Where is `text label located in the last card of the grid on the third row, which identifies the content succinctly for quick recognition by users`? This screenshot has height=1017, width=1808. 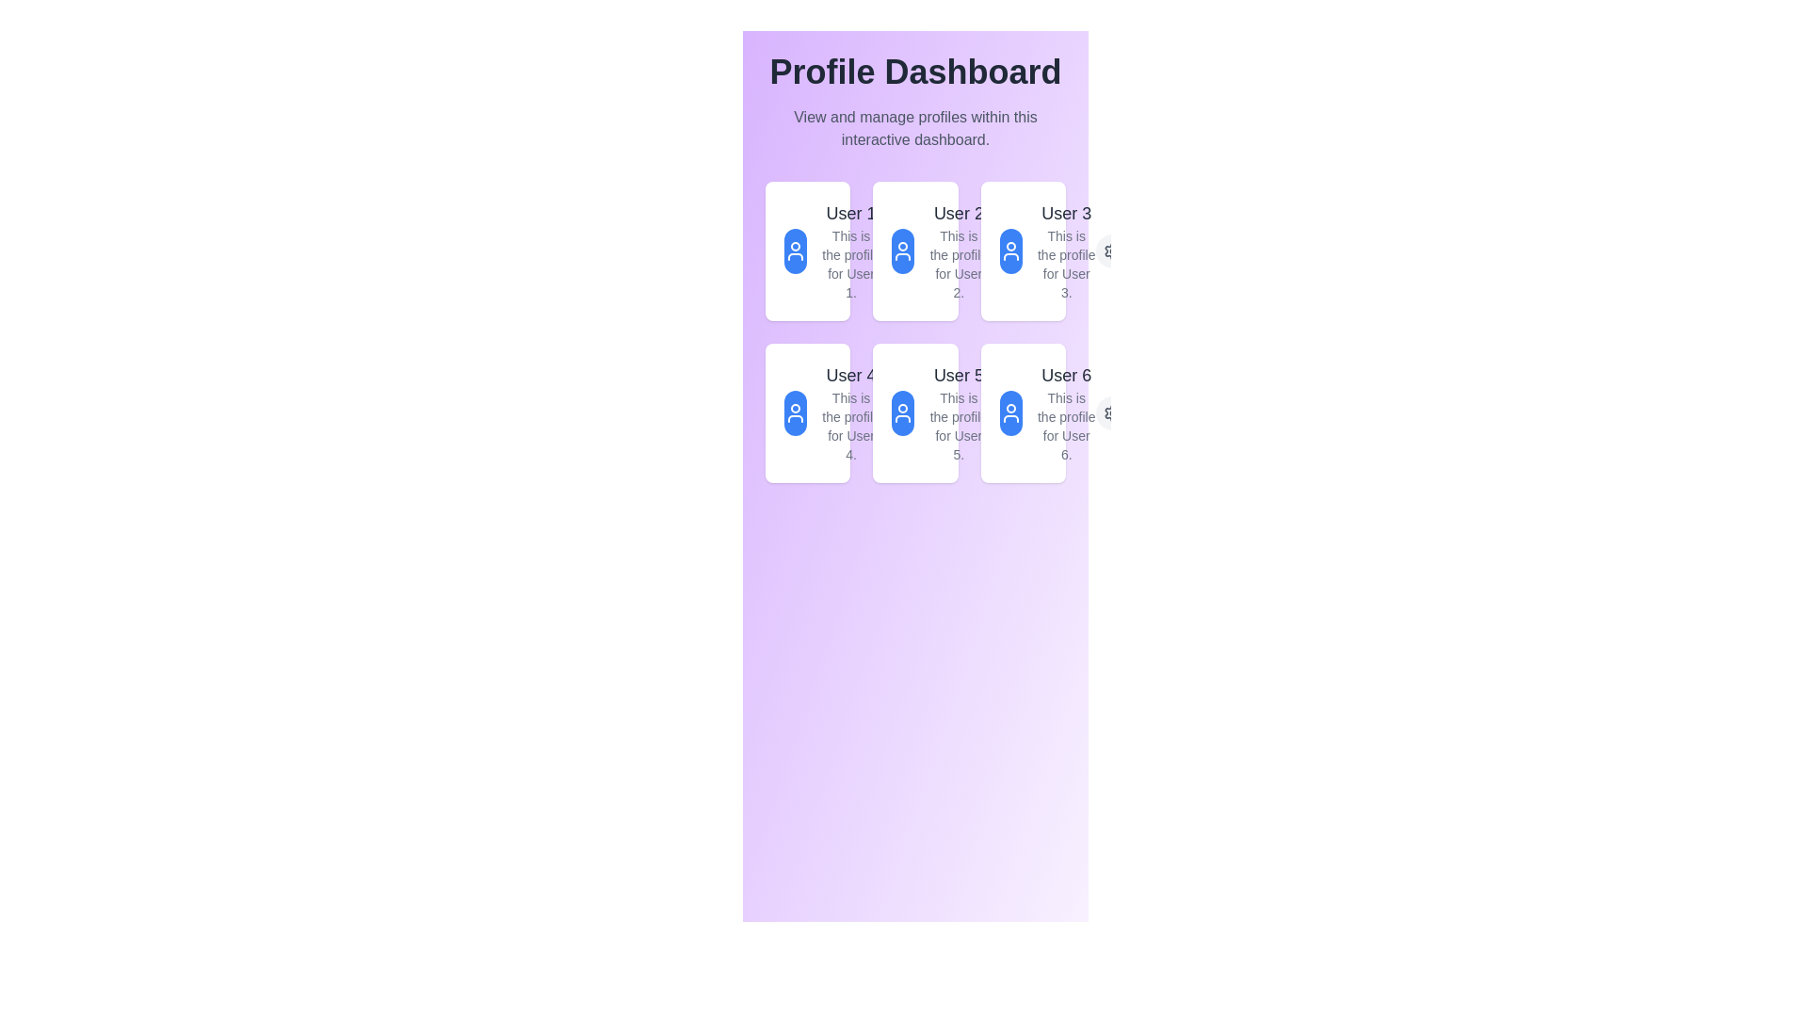 text label located in the last card of the grid on the third row, which identifies the content succinctly for quick recognition by users is located at coordinates (1066, 375).